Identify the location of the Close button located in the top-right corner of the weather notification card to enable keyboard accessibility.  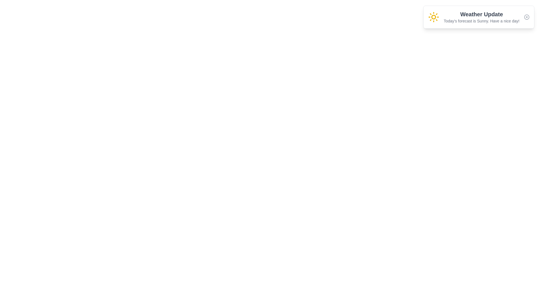
(526, 17).